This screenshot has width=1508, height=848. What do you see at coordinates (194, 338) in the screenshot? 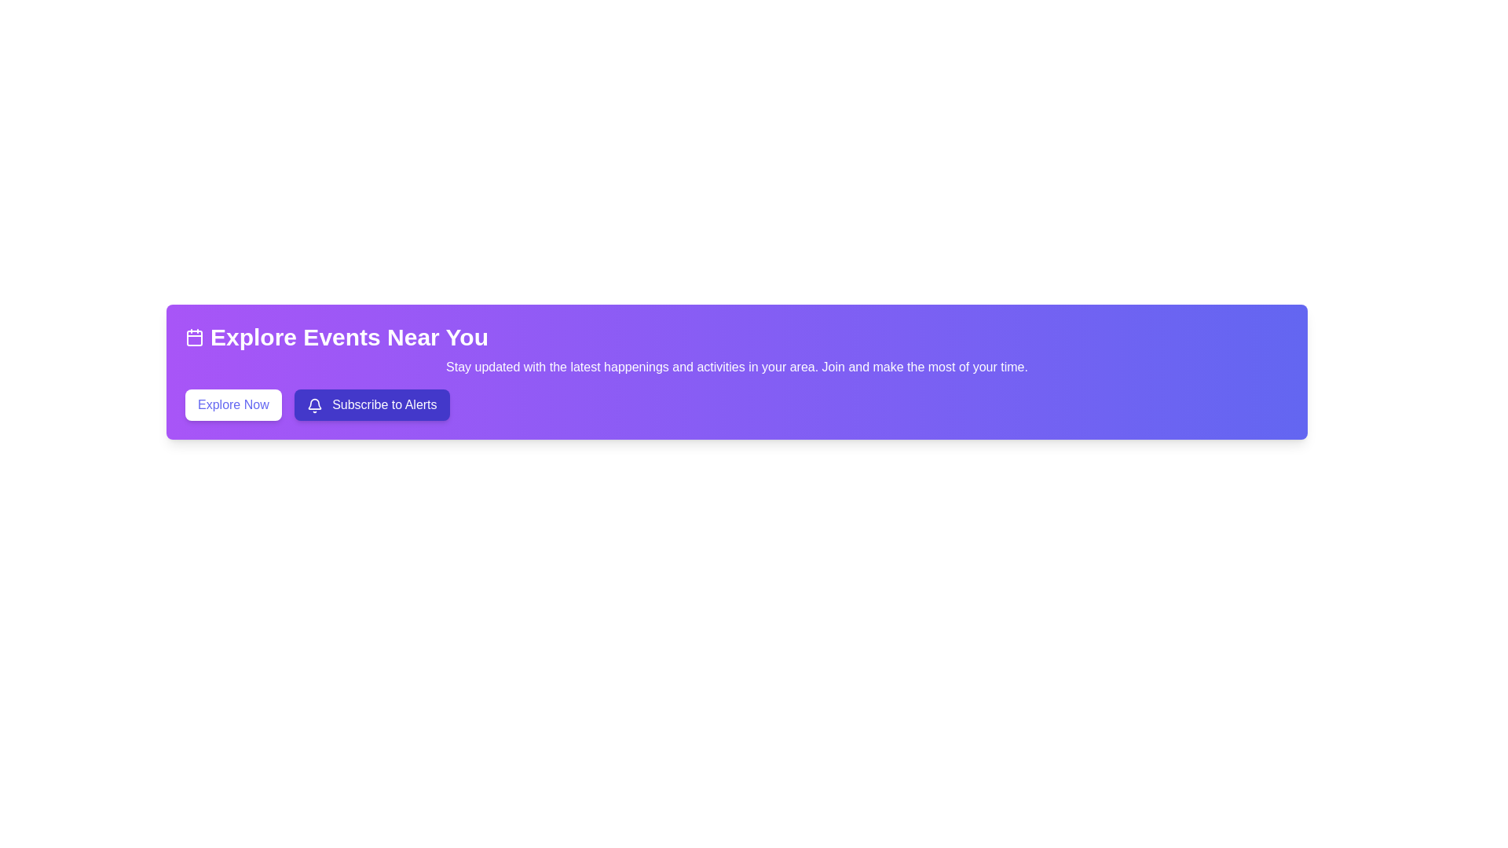
I see `the small calendar icon with rounded corners, styled in vibrant purple and white, located within the SVG calendar icon` at bounding box center [194, 338].